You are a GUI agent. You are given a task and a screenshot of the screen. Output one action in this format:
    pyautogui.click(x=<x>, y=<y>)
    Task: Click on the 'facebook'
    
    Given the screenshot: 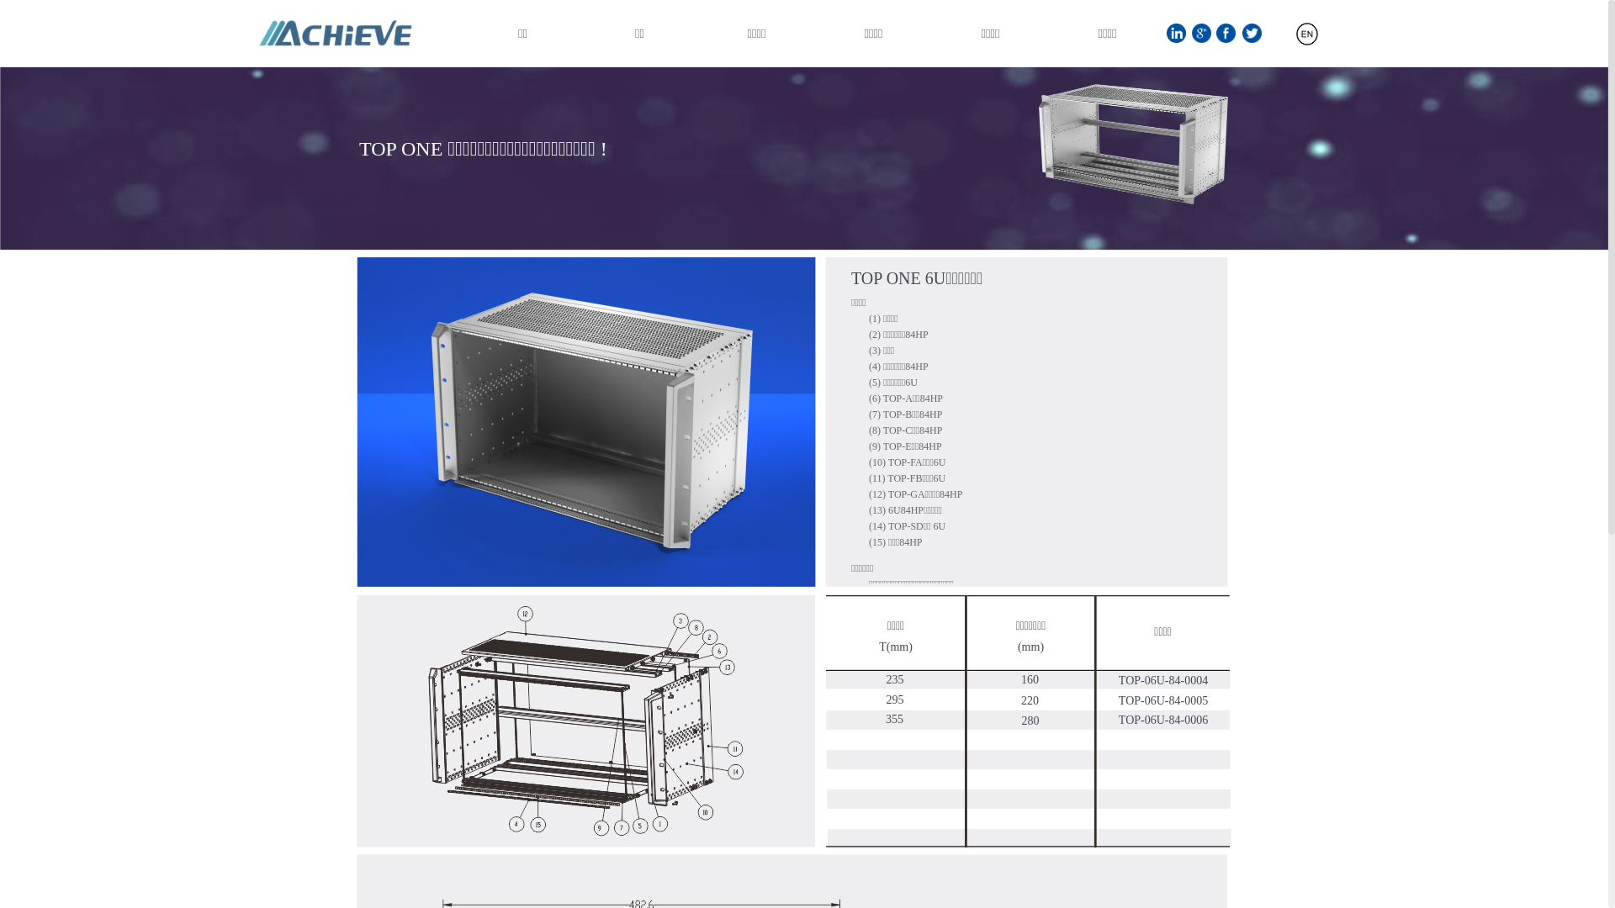 What is the action you would take?
    pyautogui.click(x=1226, y=33)
    